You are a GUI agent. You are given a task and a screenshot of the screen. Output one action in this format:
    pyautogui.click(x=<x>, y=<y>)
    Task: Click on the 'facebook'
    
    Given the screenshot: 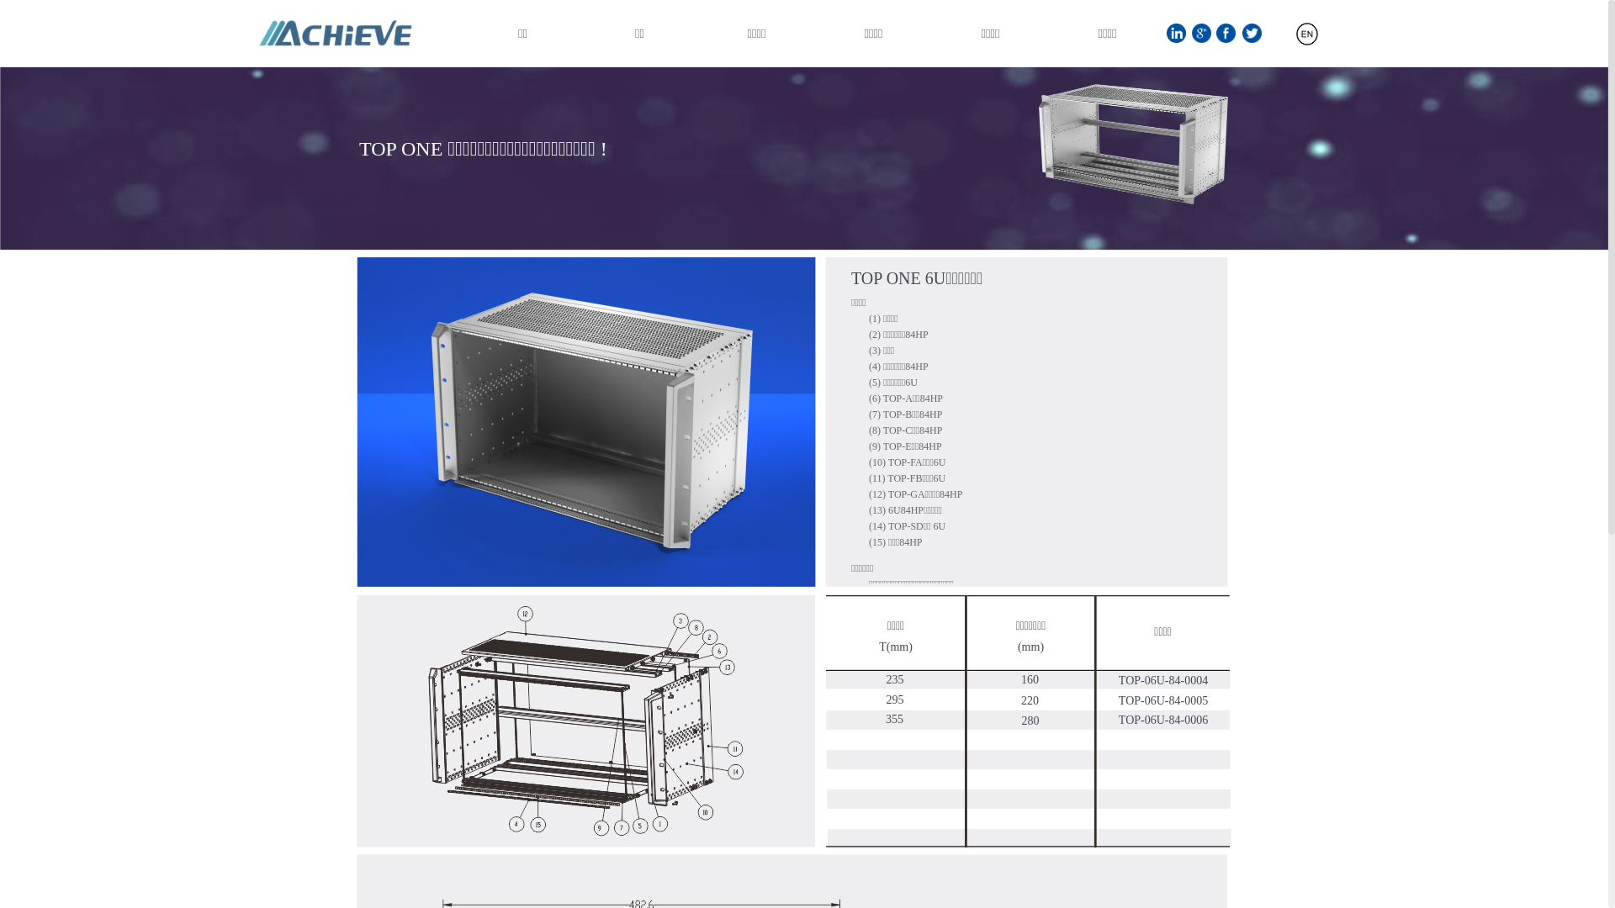 What is the action you would take?
    pyautogui.click(x=1226, y=33)
    